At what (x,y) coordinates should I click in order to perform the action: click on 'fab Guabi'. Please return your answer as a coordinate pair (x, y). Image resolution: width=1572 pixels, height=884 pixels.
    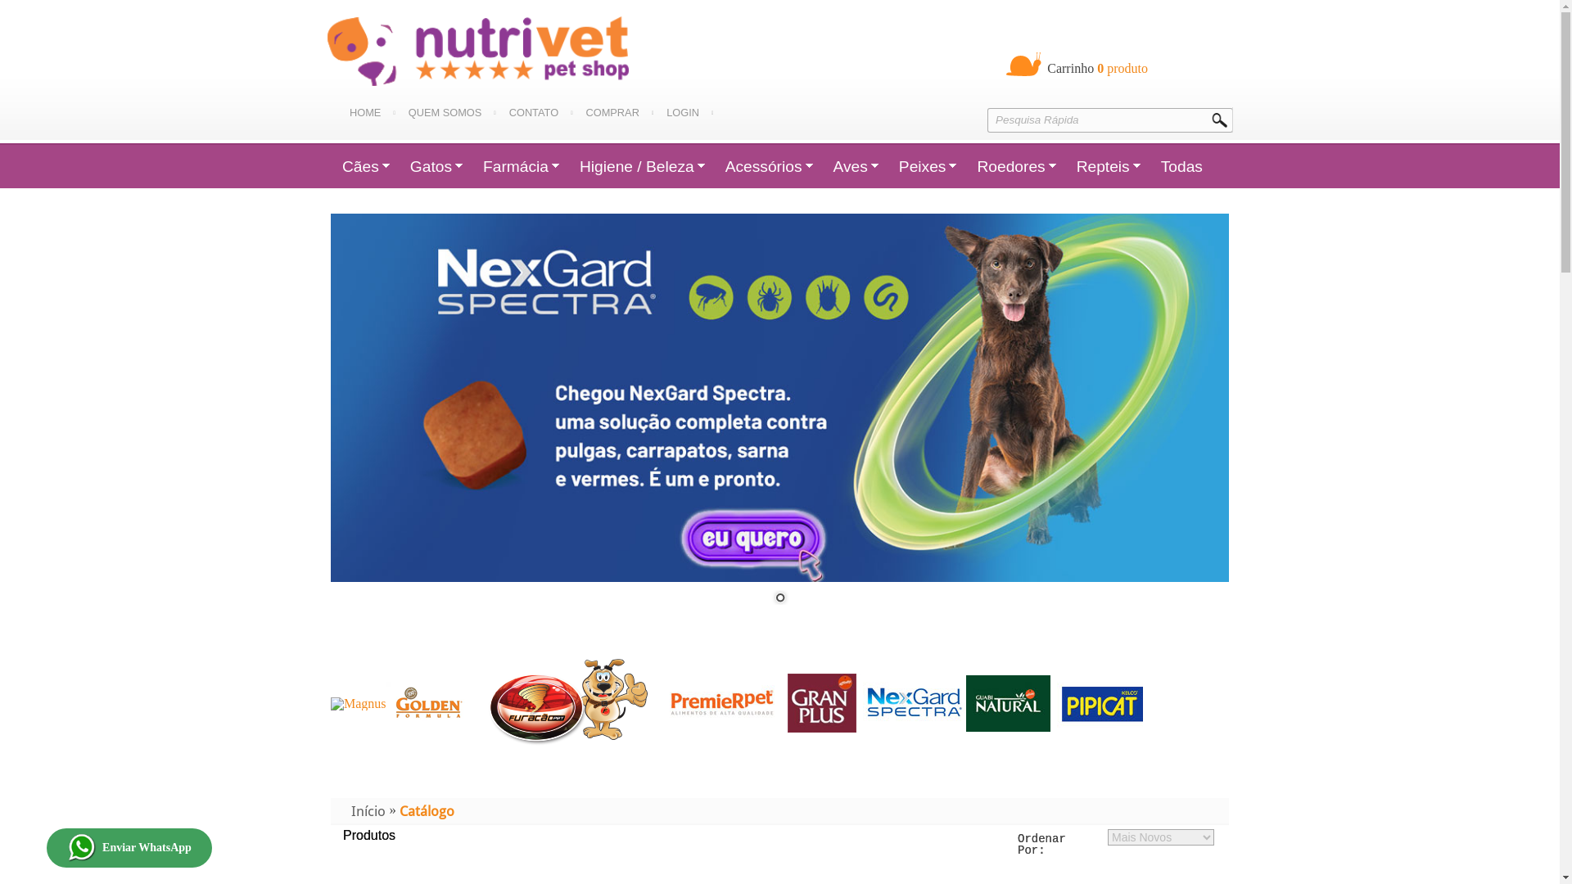
    Looking at the image, I should click on (966, 702).